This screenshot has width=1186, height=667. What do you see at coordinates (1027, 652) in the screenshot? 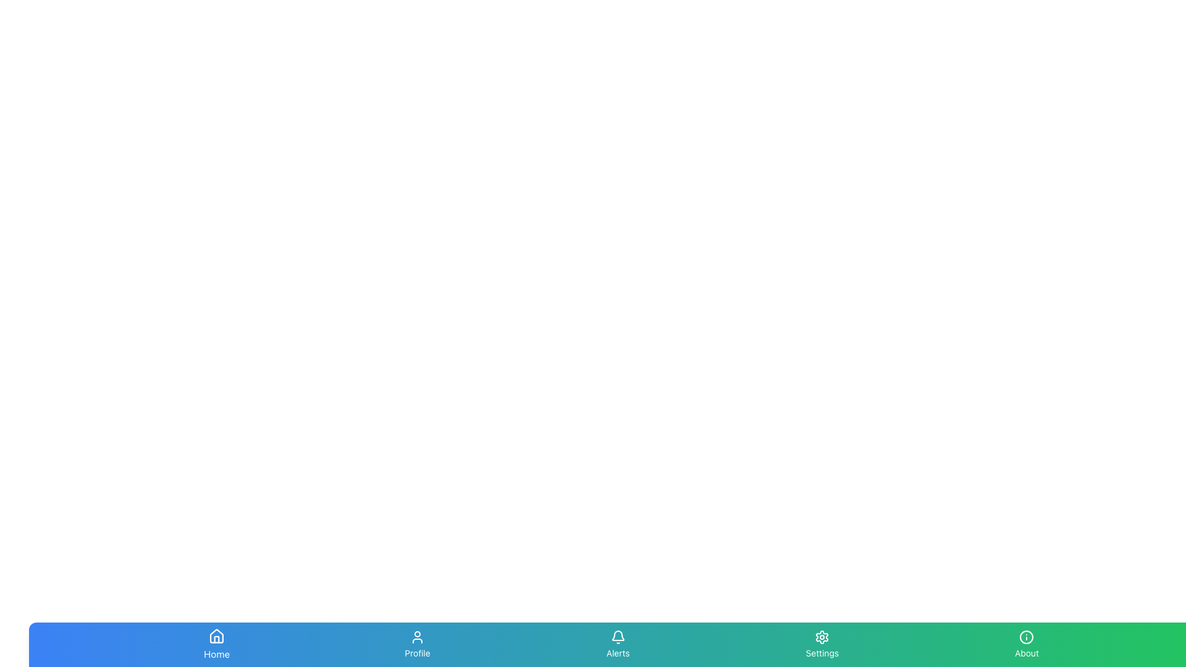
I see `the 'About' text label, which is styled in smaller font size and positioned beneath an information icon in the footer bar` at bounding box center [1027, 652].